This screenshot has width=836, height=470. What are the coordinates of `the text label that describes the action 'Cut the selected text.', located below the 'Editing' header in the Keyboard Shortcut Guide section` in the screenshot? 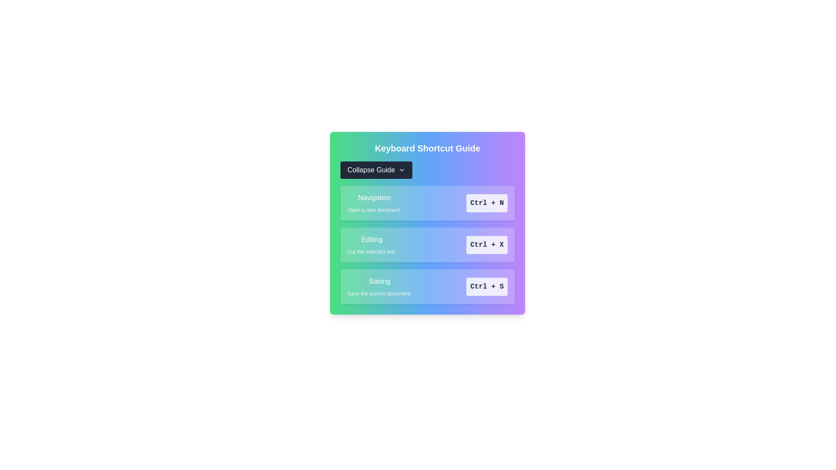 It's located at (372, 252).